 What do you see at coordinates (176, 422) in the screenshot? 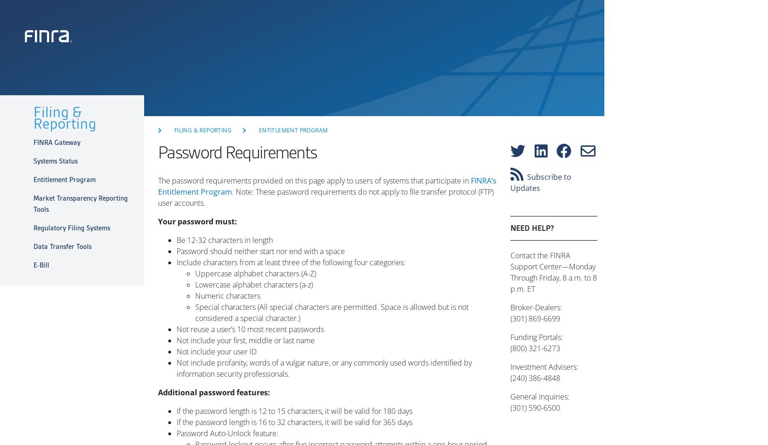
I see `'If the password length is 16 to 32 characters, it will be valid for 365 days'` at bounding box center [176, 422].